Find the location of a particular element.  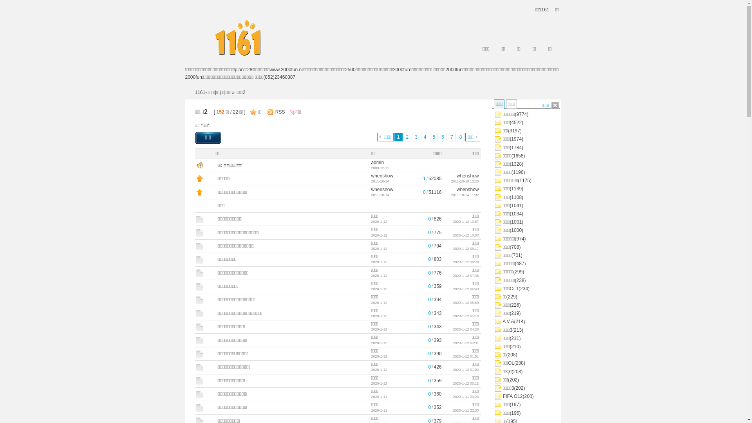

'2020-1-12 00:12' is located at coordinates (466, 383).